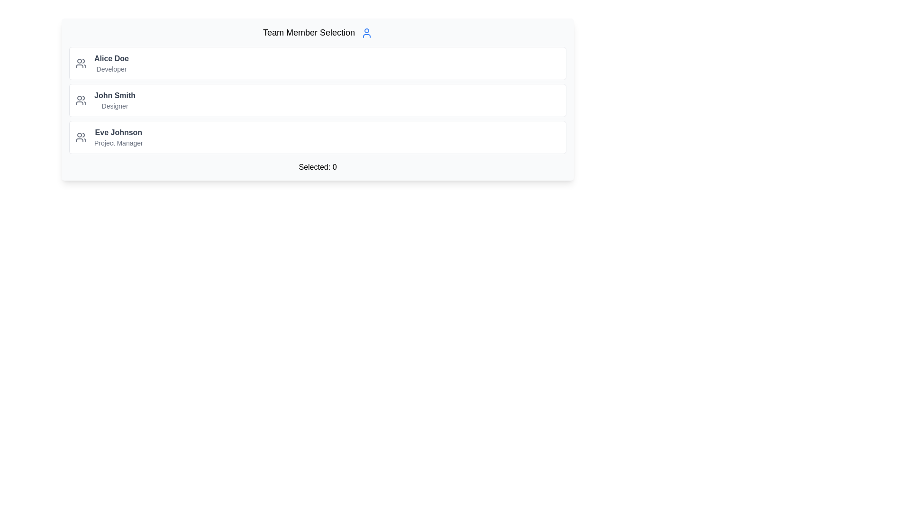 This screenshot has width=910, height=512. What do you see at coordinates (366, 33) in the screenshot?
I see `the user silhouette icon located to the right of the 'Team Member Selection' text` at bounding box center [366, 33].